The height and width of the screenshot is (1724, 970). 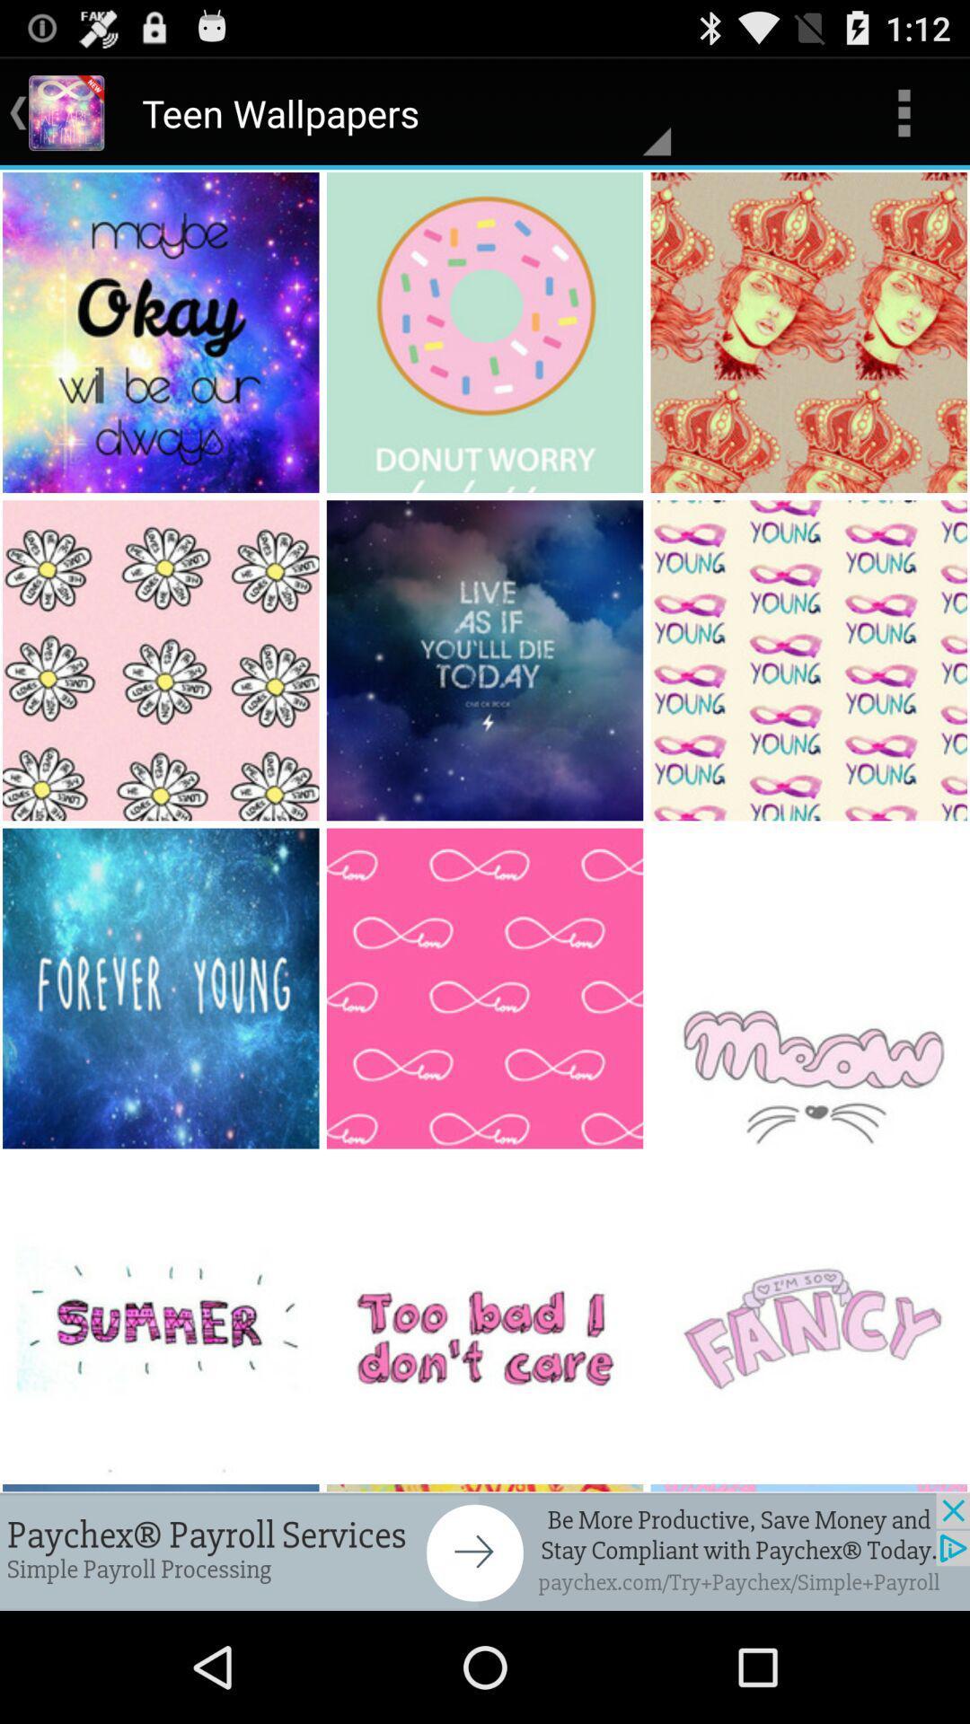 I want to click on the 1st image in the 2nd row below teen wallpapers, so click(x=163, y=659).